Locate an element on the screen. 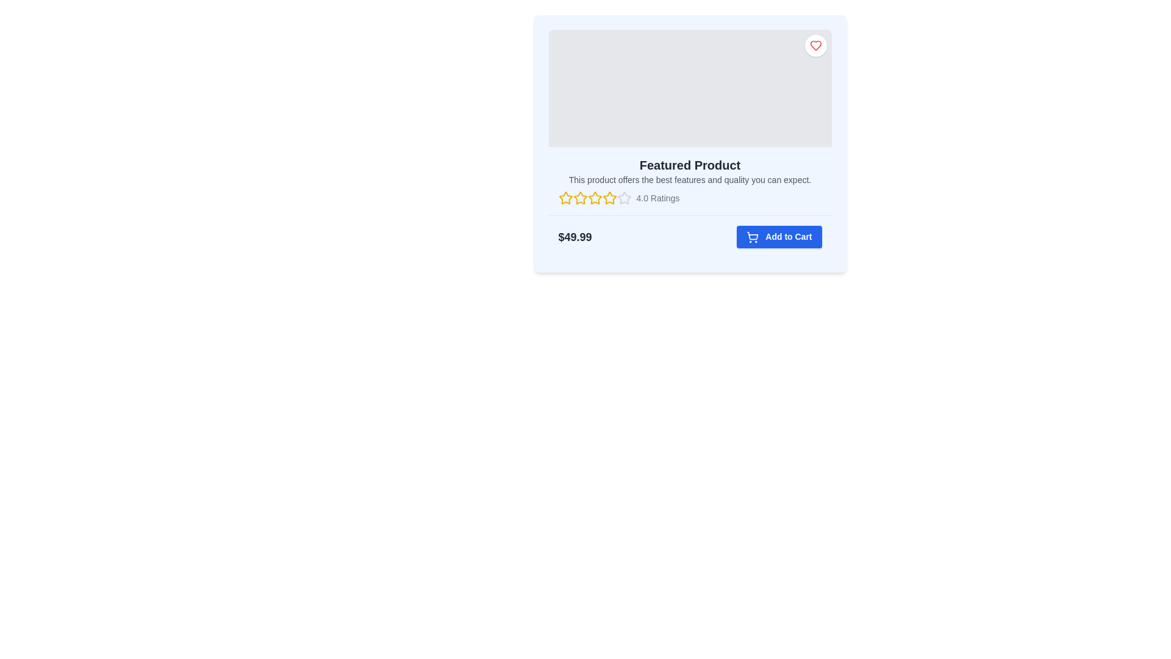 Image resolution: width=1171 pixels, height=659 pixels. the product title text label at the top of the card interface, which is centered horizontally and draws attention to the product's name is located at coordinates (690, 165).